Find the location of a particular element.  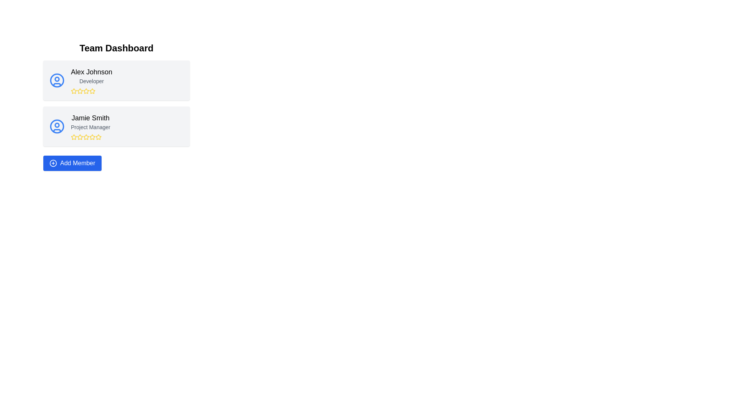

the second star icon used for user rating representation located under the user card of 'Alex Johnson' in the Team Dashboard interface is located at coordinates (74, 90).